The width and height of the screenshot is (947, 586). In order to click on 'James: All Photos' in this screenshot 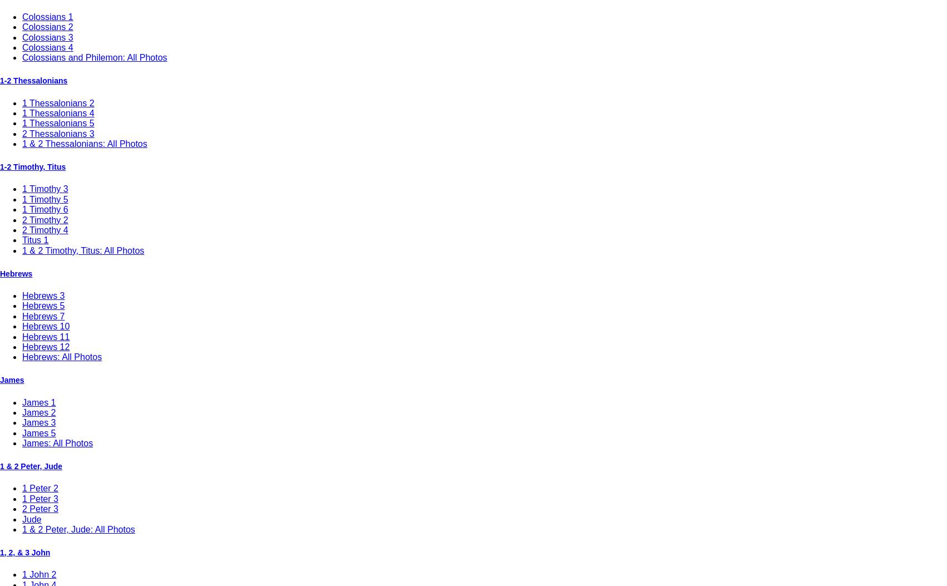, I will do `click(57, 443)`.